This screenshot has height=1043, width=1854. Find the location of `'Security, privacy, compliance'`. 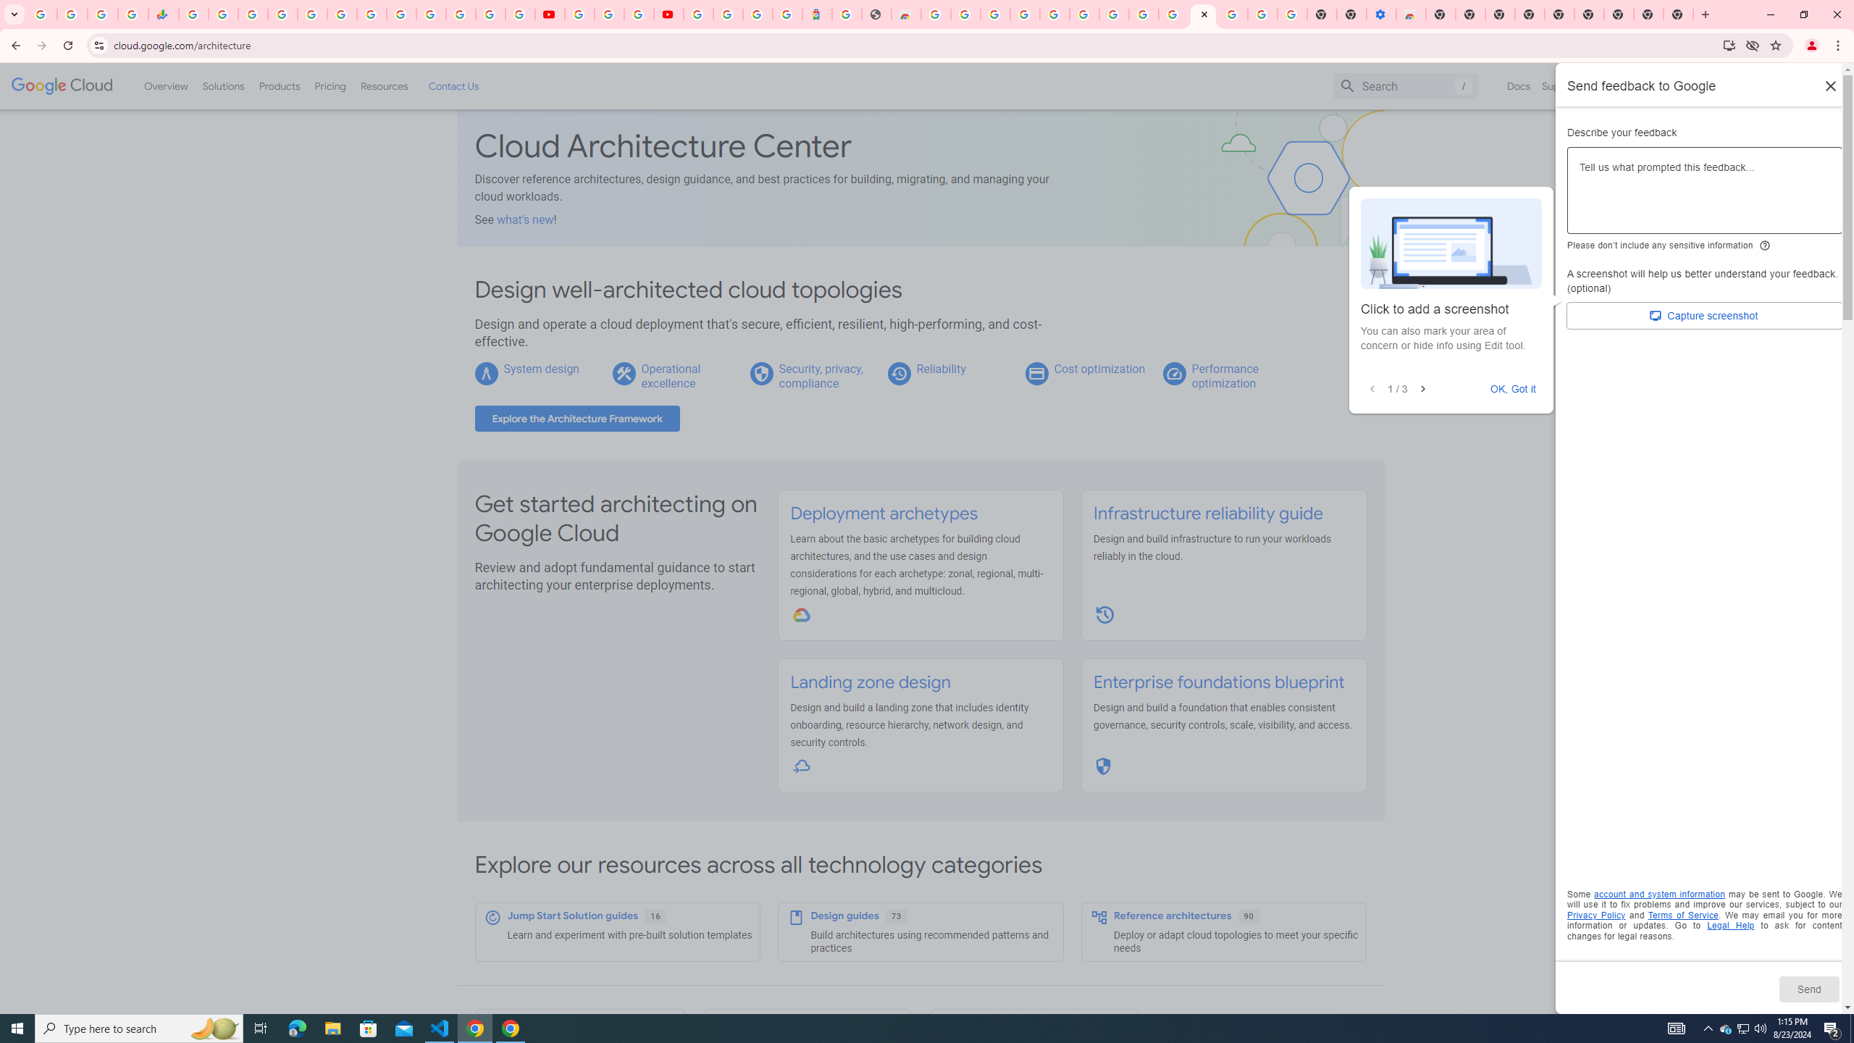

'Security, privacy, compliance' is located at coordinates (821, 375).